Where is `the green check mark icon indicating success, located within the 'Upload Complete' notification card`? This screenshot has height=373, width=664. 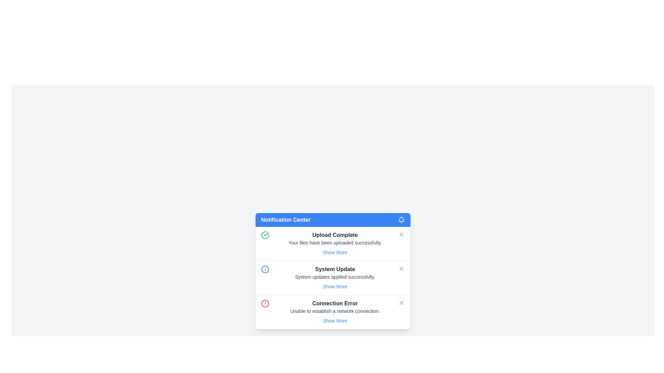 the green check mark icon indicating success, located within the 'Upload Complete' notification card is located at coordinates (266, 234).